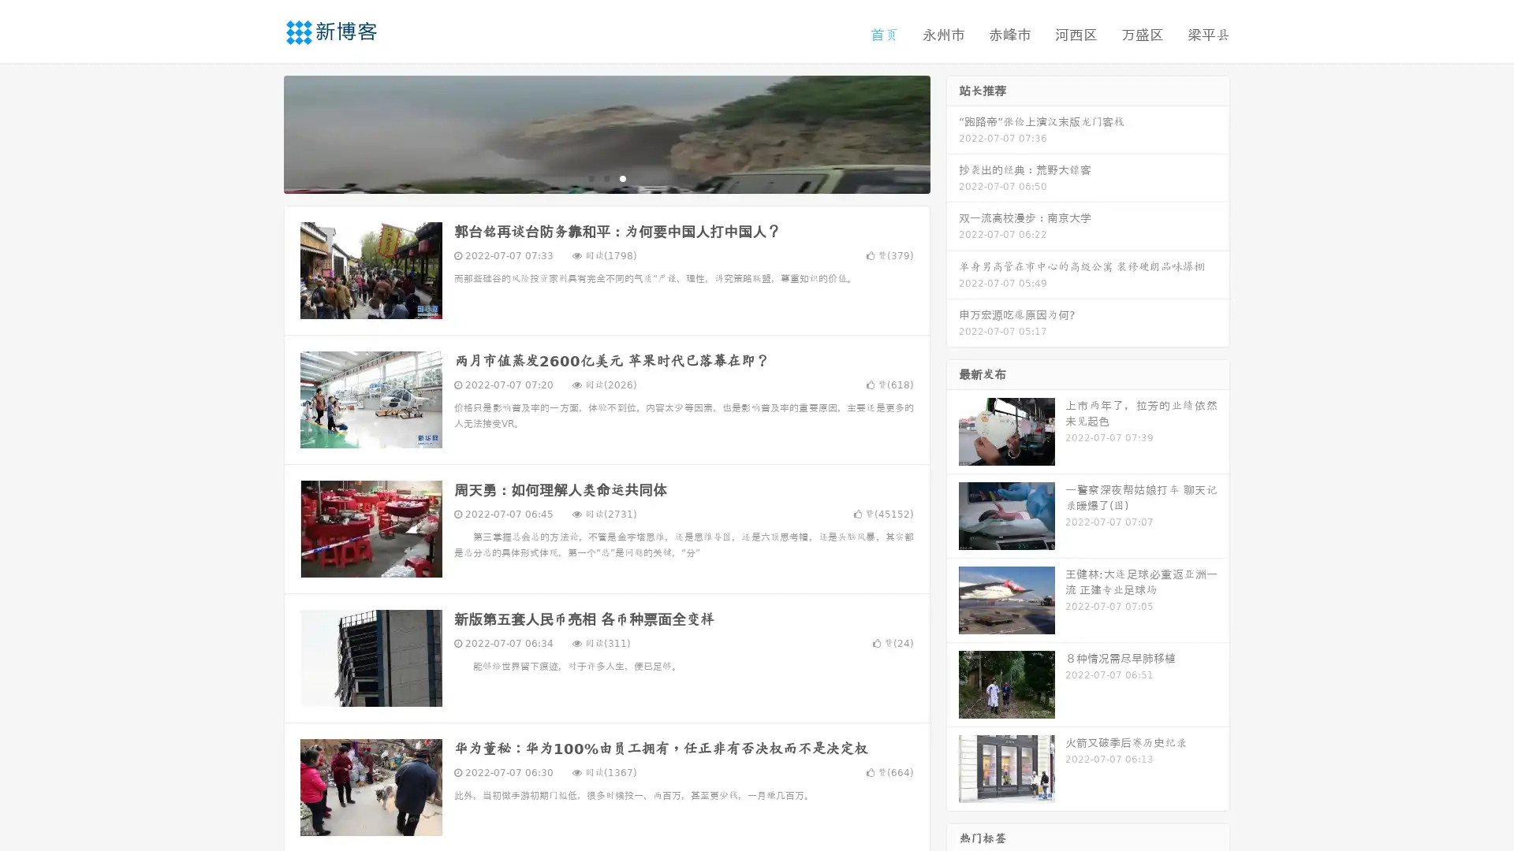  What do you see at coordinates (606, 177) in the screenshot?
I see `Go to slide 2` at bounding box center [606, 177].